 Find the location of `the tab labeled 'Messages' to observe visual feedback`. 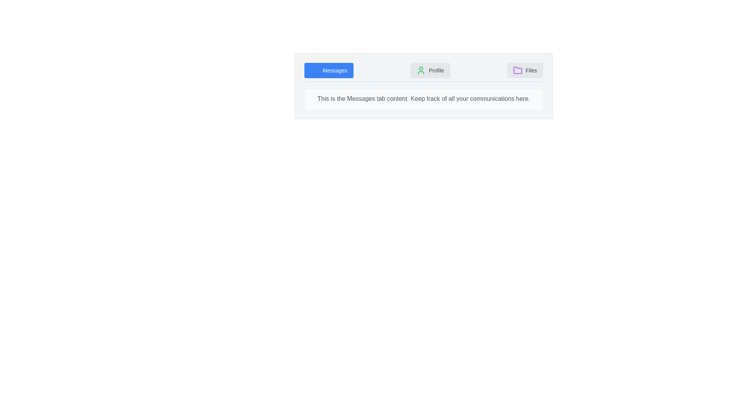

the tab labeled 'Messages' to observe visual feedback is located at coordinates (329, 71).